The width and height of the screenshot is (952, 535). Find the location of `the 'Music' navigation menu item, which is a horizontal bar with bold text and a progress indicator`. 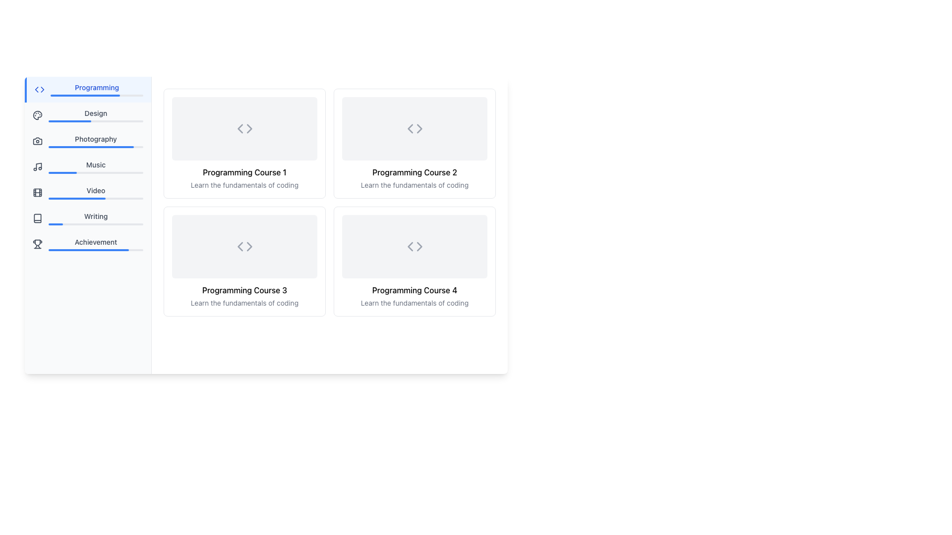

the 'Music' navigation menu item, which is a horizontal bar with bold text and a progress indicator is located at coordinates (96, 166).